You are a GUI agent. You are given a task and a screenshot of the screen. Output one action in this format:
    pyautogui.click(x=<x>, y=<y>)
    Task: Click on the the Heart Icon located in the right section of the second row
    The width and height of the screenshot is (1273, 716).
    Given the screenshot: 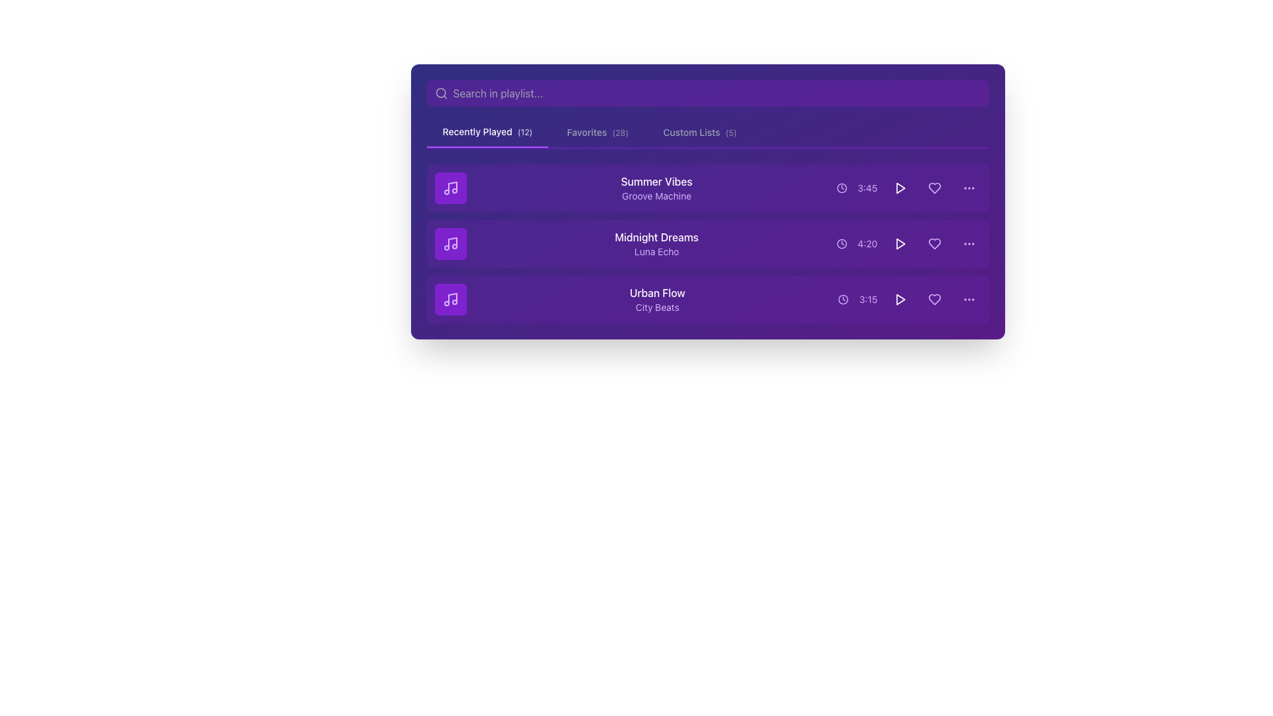 What is the action you would take?
    pyautogui.click(x=934, y=188)
    